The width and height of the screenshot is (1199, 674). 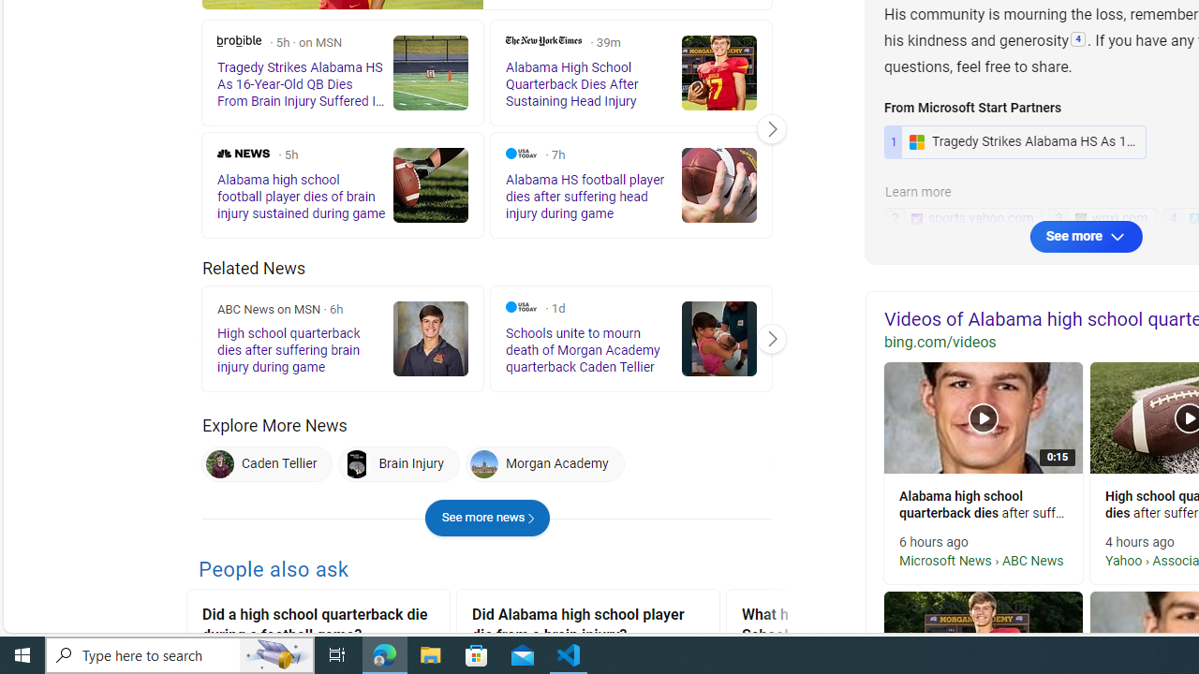 I want to click on 'Did a high school quarterback die during a football game?', so click(x=318, y=627).